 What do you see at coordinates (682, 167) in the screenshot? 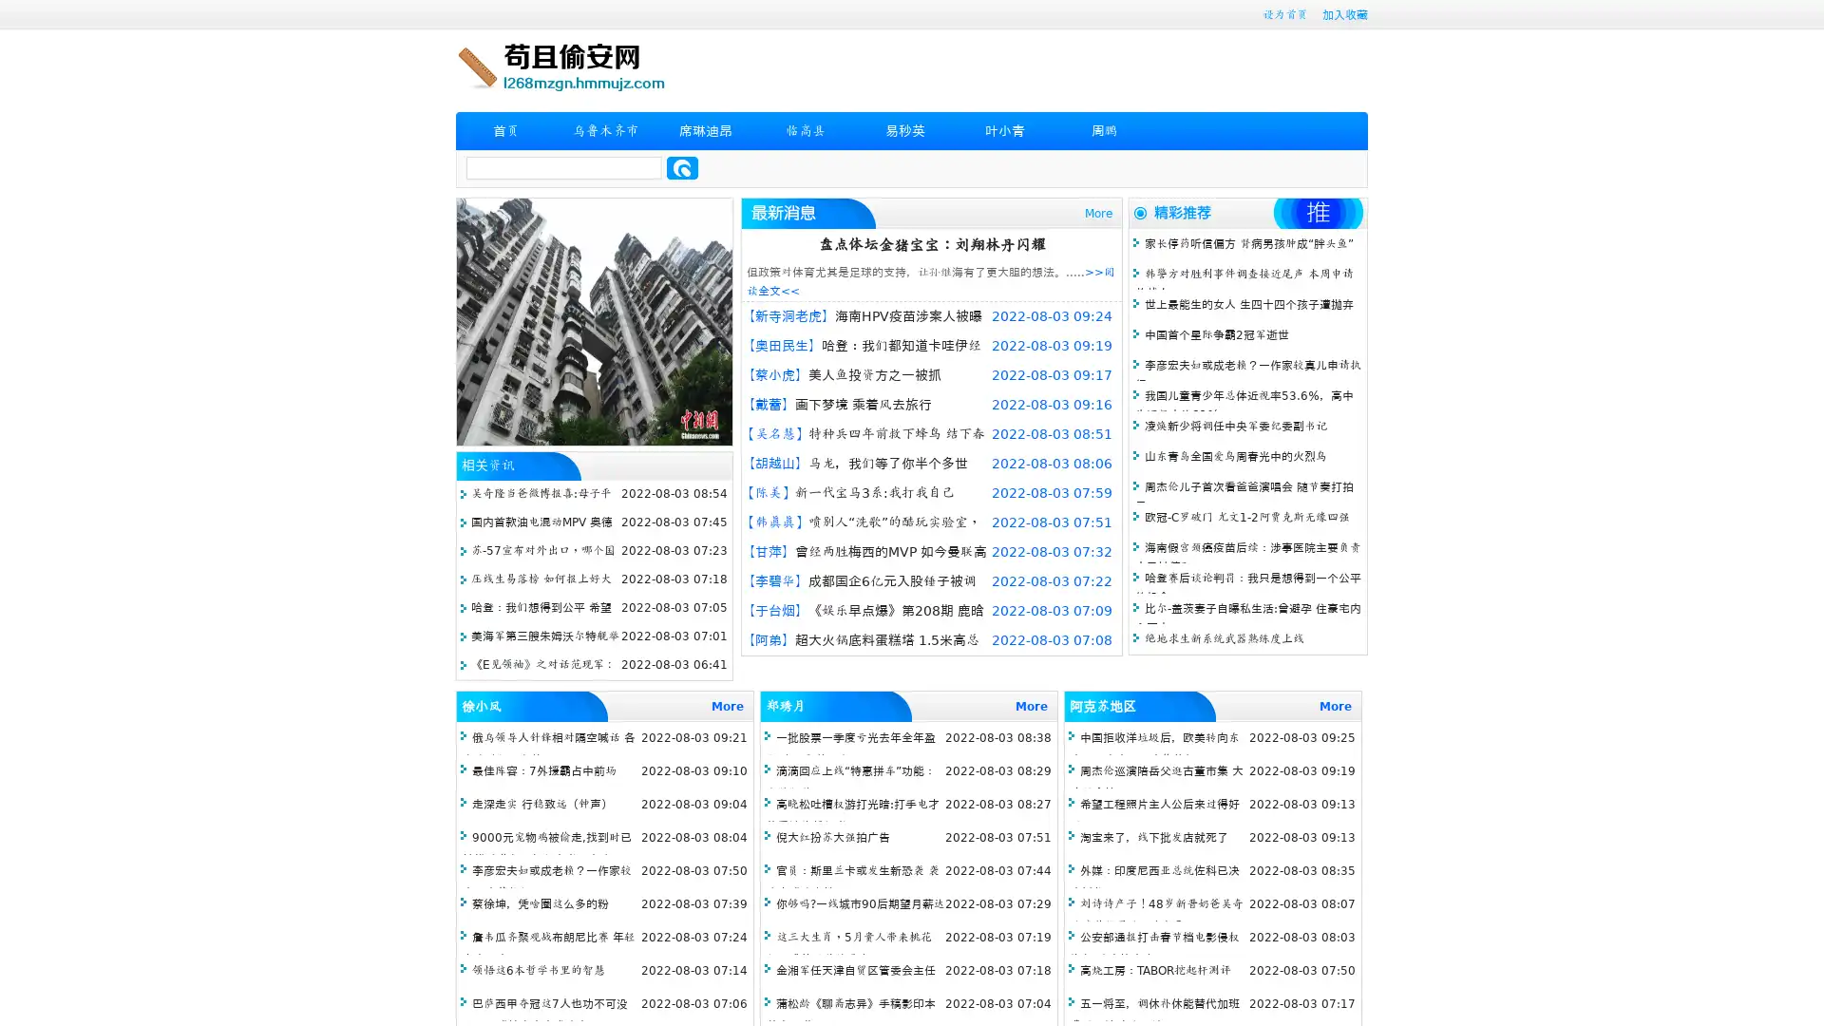
I see `Search` at bounding box center [682, 167].